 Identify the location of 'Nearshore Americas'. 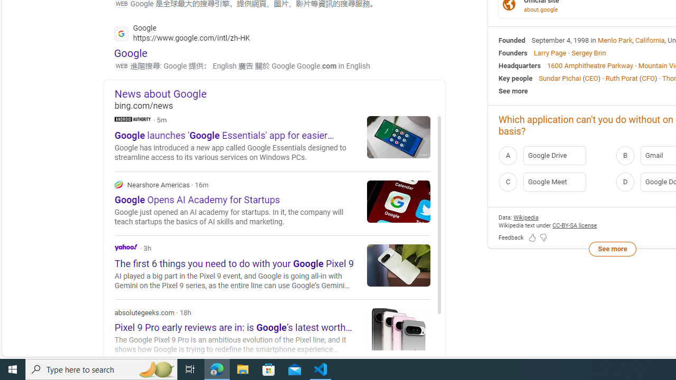
(119, 184).